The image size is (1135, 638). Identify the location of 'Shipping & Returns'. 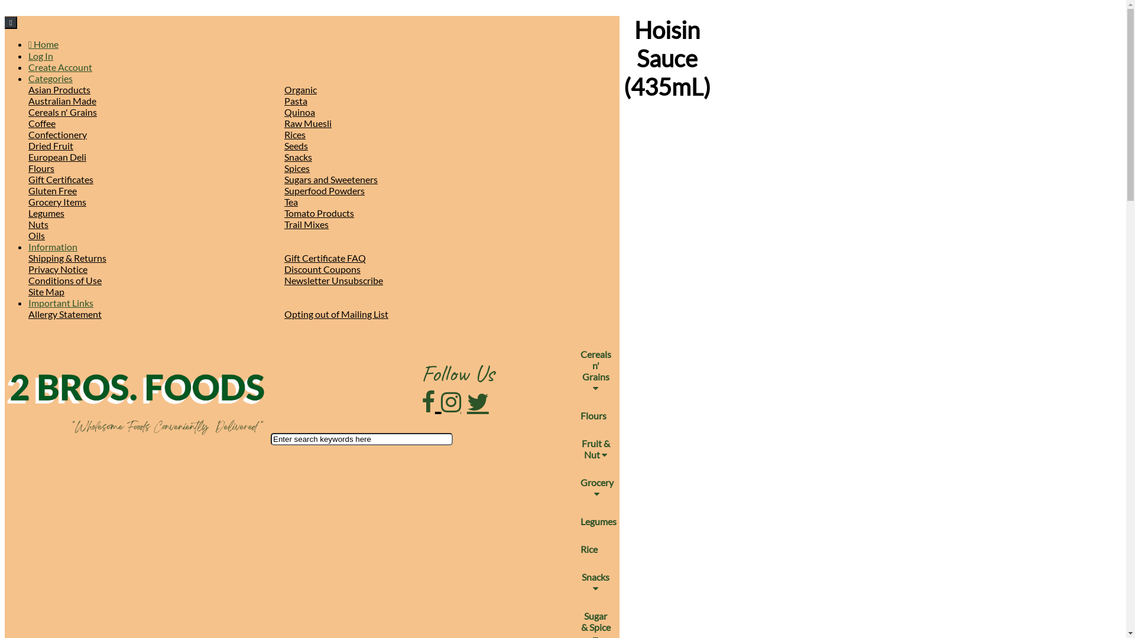
(67, 257).